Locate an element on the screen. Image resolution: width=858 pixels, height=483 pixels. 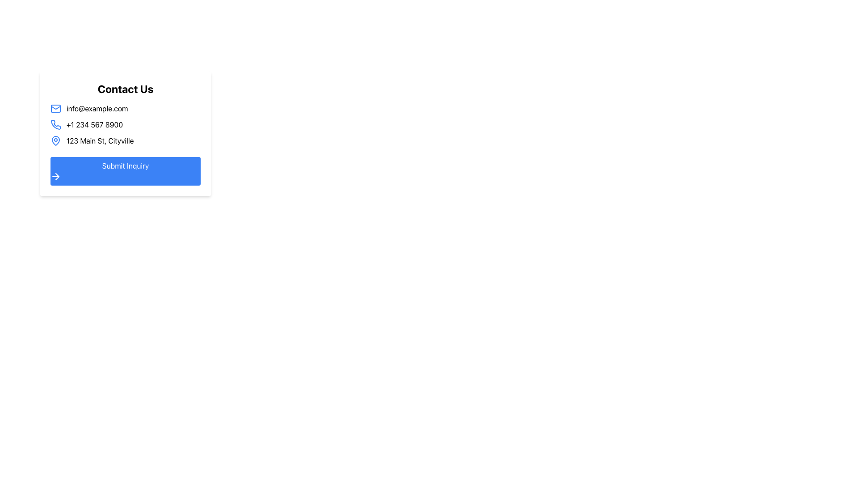
the text element providing the contact email address located is located at coordinates (125, 108).